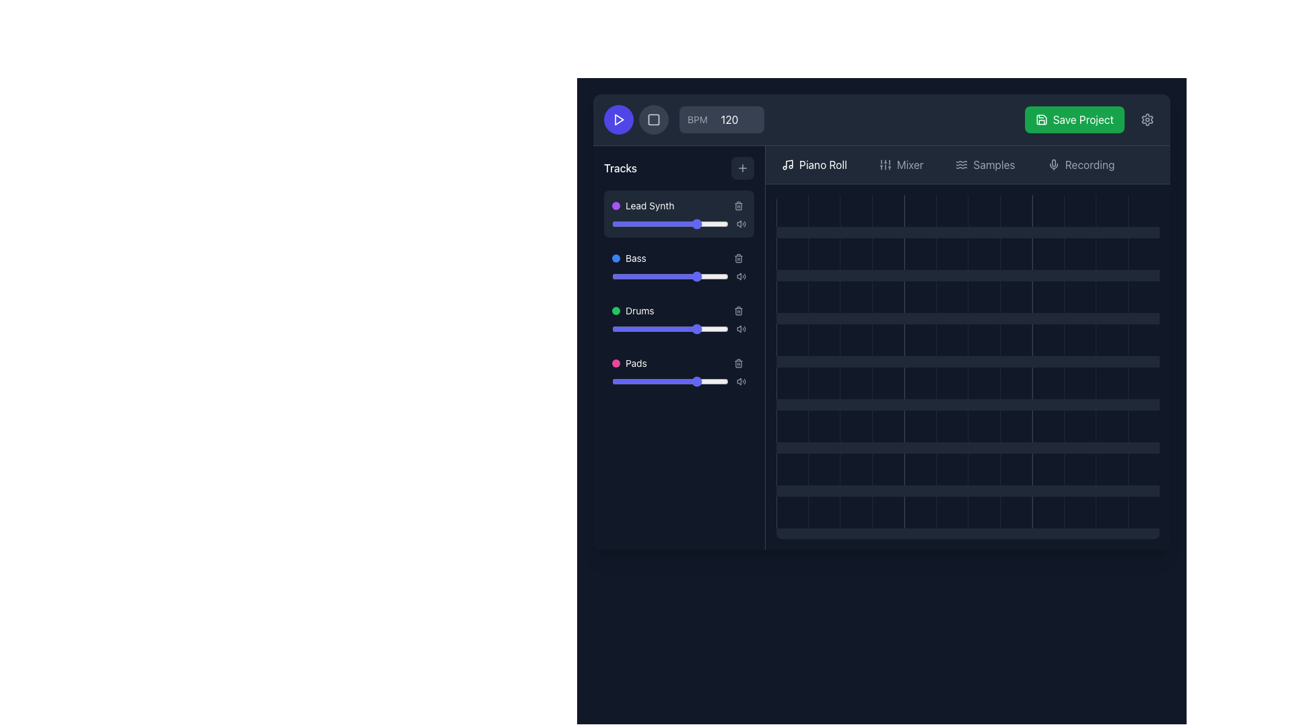  I want to click on the interactive tile located at the bottom-right corner of the grid layout, so click(1143, 512).